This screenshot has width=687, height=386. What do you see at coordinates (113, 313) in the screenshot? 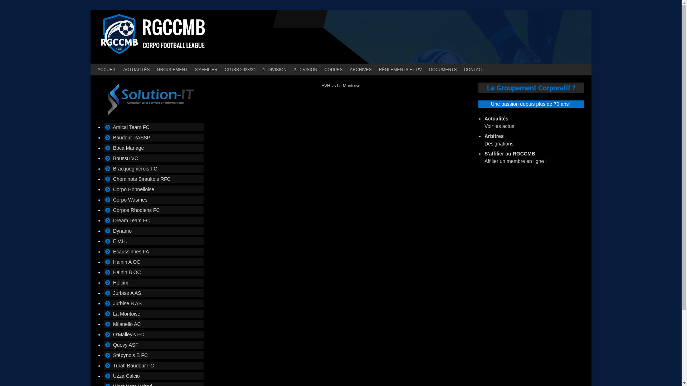
I see `'La Montoise'` at bounding box center [113, 313].